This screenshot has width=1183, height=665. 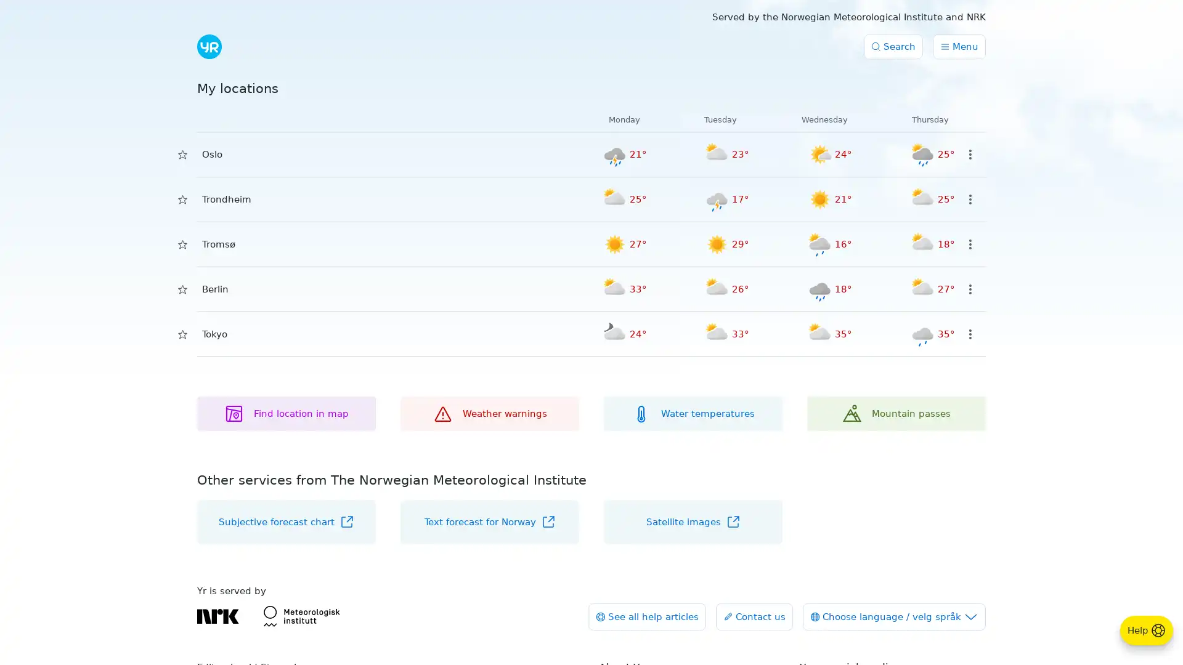 I want to click on Add to "My locations", so click(x=182, y=153).